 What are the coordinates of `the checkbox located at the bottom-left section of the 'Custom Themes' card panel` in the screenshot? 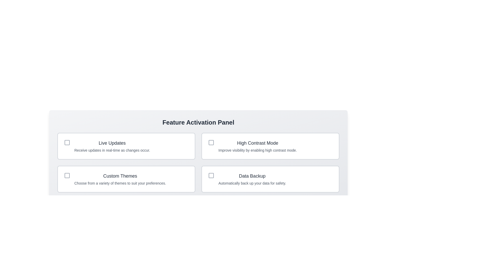 It's located at (67, 175).